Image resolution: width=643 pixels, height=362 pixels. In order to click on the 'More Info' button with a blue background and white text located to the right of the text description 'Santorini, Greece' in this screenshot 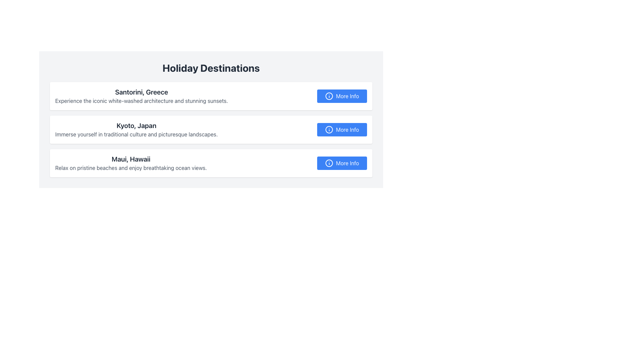, I will do `click(342, 96)`.